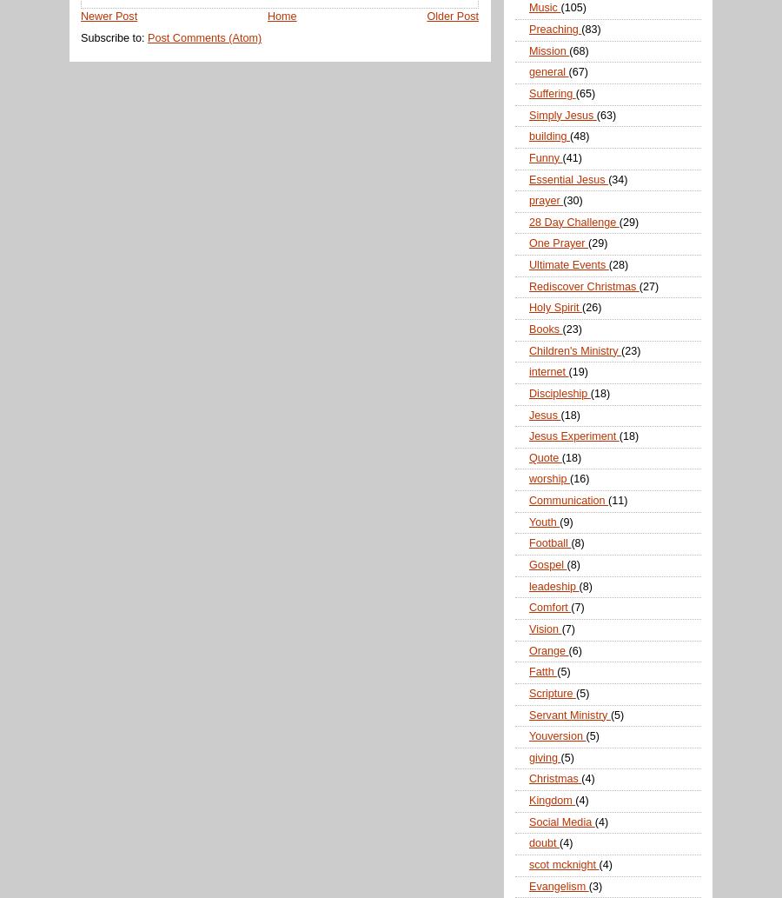 The height and width of the screenshot is (898, 782). What do you see at coordinates (549, 608) in the screenshot?
I see `'Comfort'` at bounding box center [549, 608].